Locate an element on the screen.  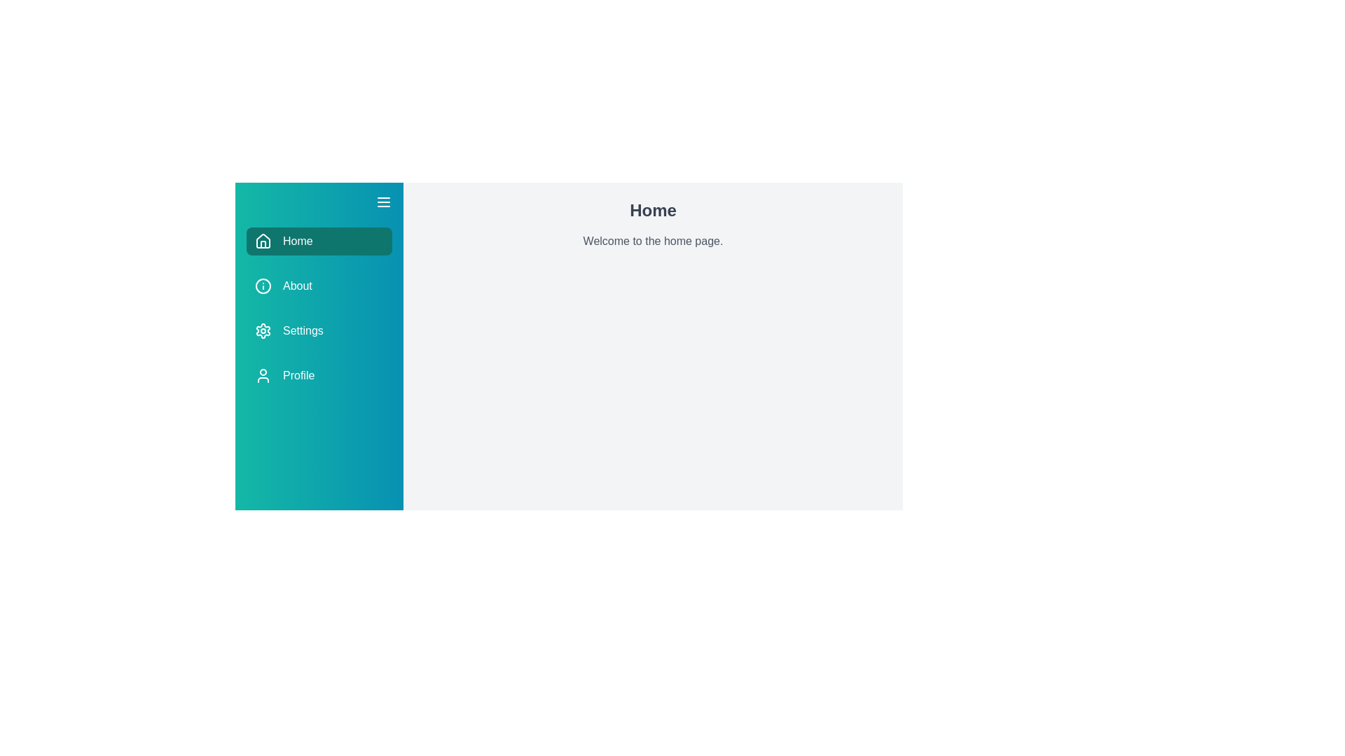
the menu item Profile to trigger its hover effect is located at coordinates (319, 374).